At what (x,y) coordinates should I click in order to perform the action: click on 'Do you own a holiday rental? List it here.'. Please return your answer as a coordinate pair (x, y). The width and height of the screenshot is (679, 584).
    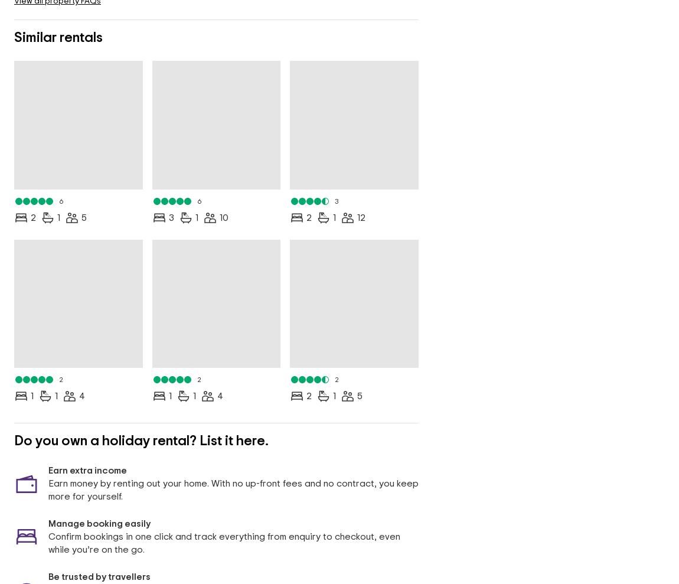
    Looking at the image, I should click on (141, 441).